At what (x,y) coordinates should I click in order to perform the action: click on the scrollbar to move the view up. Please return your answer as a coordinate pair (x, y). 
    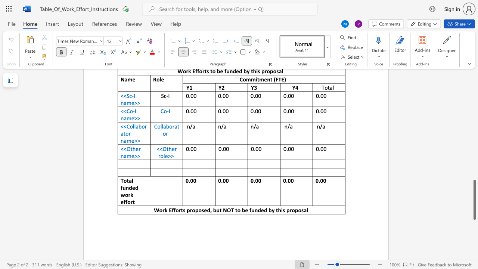
    Looking at the image, I should click on (474, 108).